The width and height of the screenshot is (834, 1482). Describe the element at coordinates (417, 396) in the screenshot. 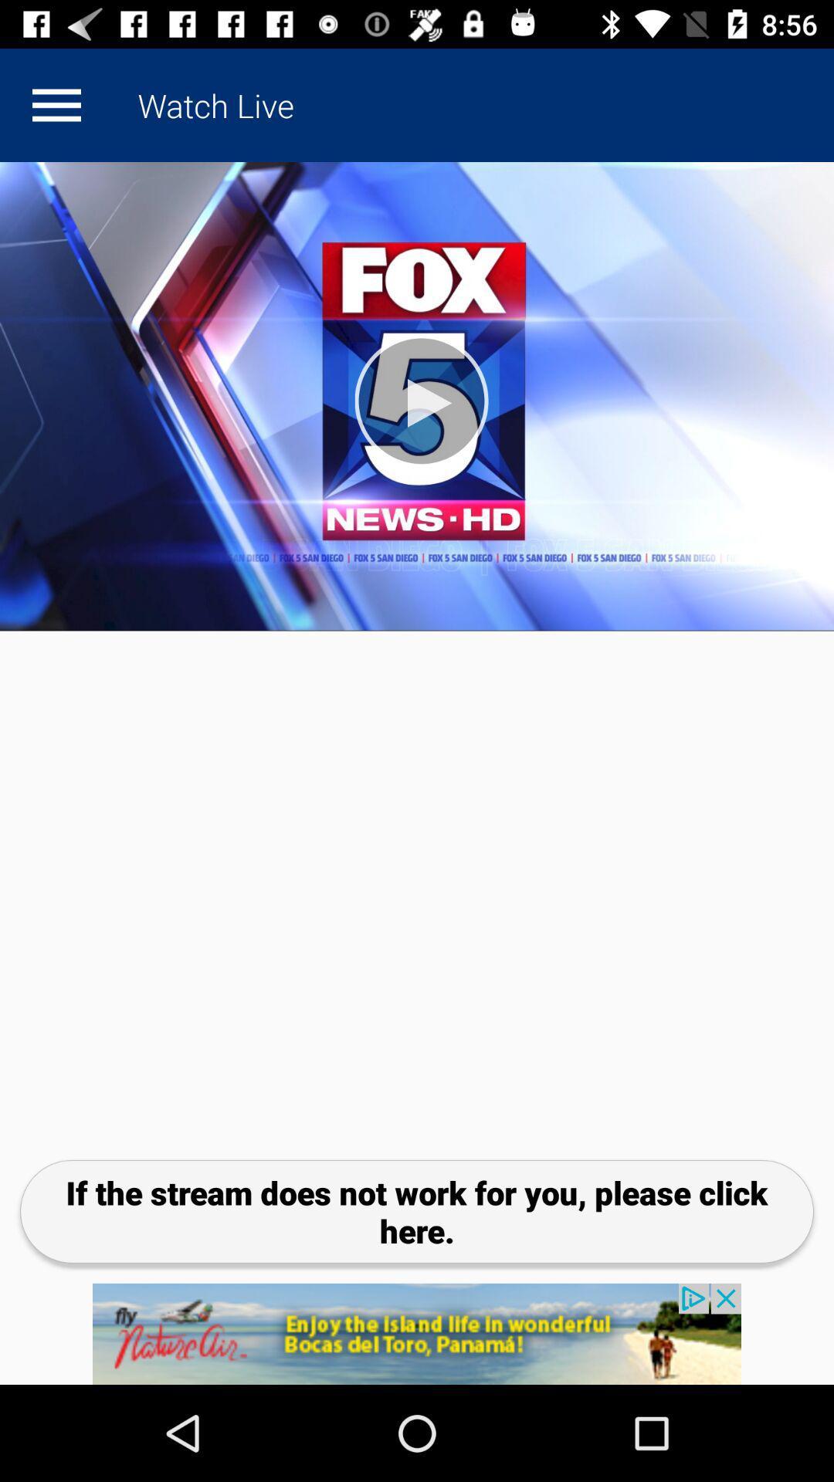

I see `fox 5 video` at that location.